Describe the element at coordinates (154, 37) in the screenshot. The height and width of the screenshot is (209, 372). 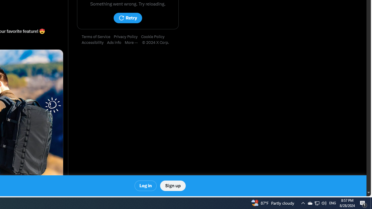
I see `'Cookie Policy'` at that location.